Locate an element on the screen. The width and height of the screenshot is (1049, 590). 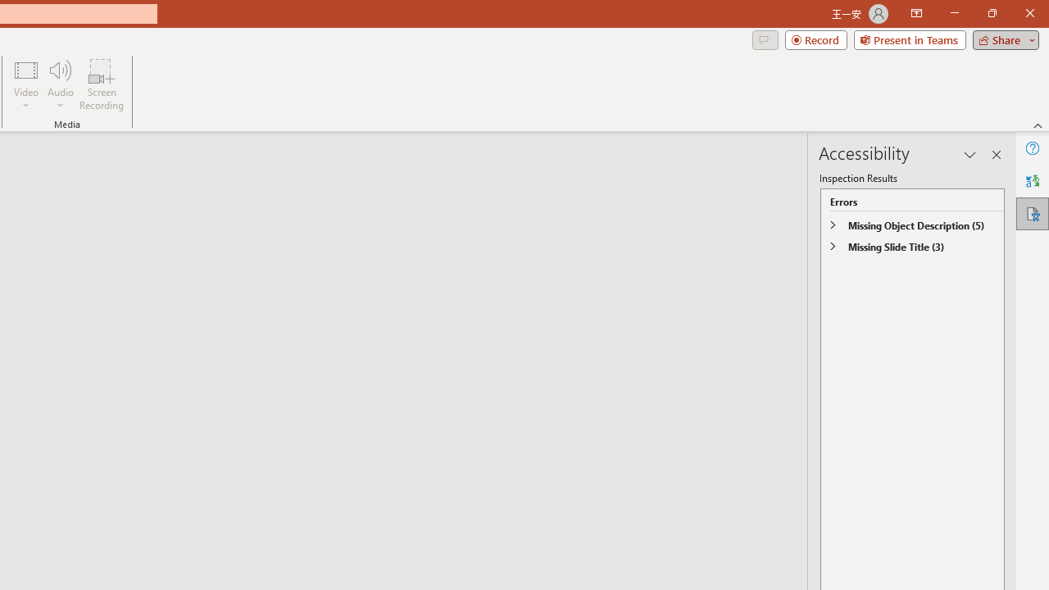
'Close' is located at coordinates (1029, 13).